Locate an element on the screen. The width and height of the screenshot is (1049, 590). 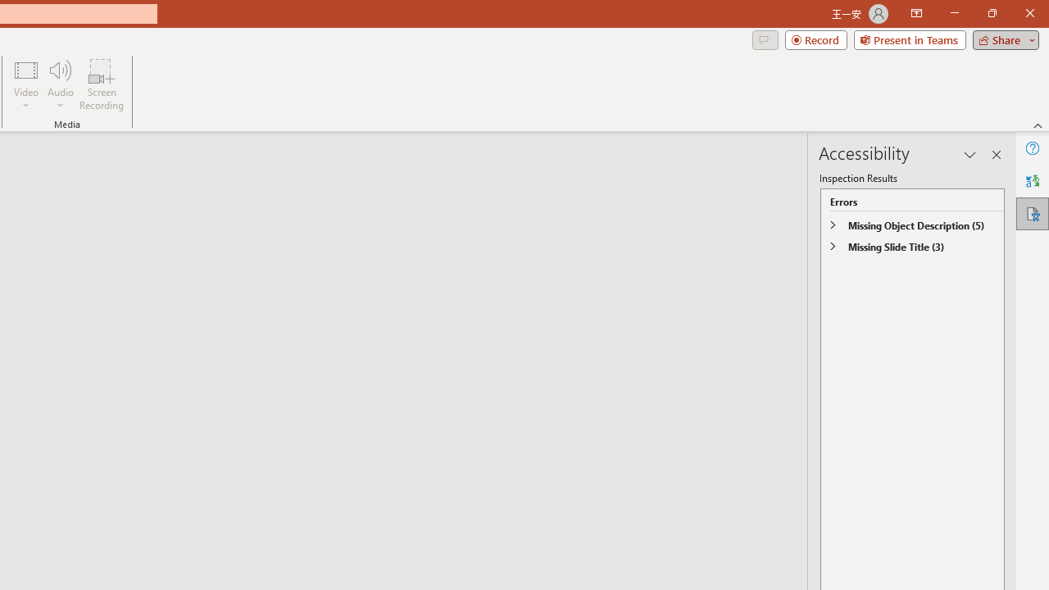
'Close' is located at coordinates (1029, 13).